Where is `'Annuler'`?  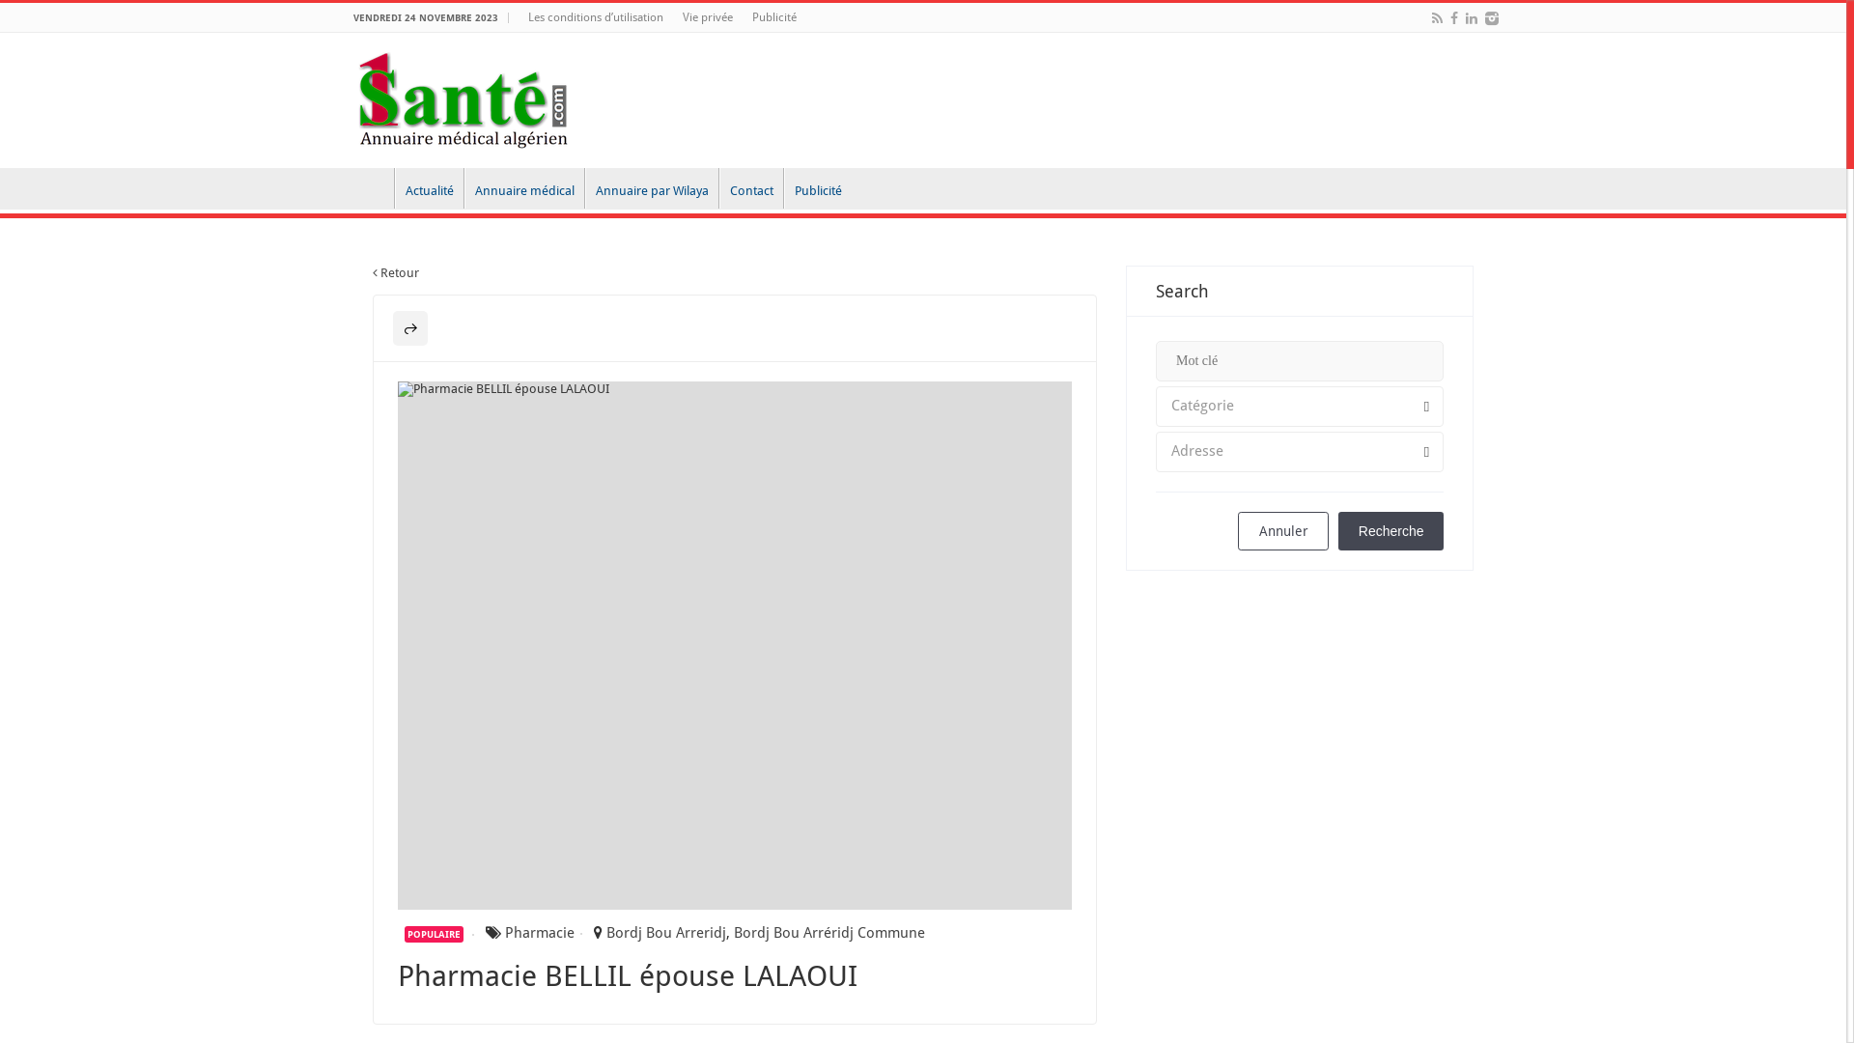
'Annuler' is located at coordinates (1283, 531).